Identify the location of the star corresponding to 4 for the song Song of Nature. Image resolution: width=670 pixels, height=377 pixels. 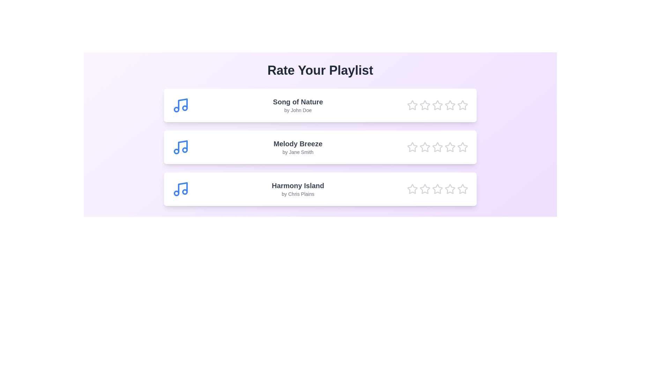
(450, 105).